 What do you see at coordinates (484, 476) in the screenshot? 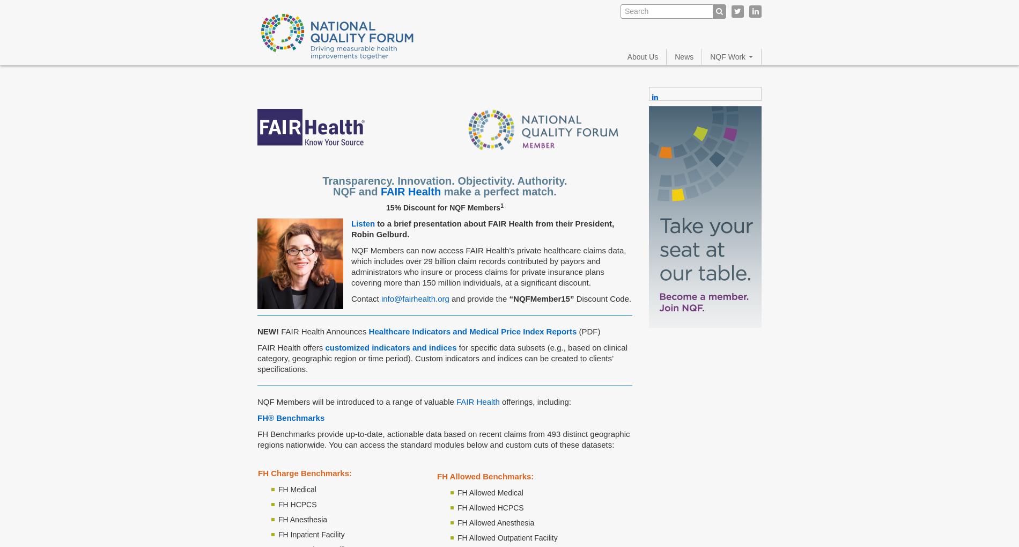
I see `'FH Allowed Benchmarks:'` at bounding box center [484, 476].